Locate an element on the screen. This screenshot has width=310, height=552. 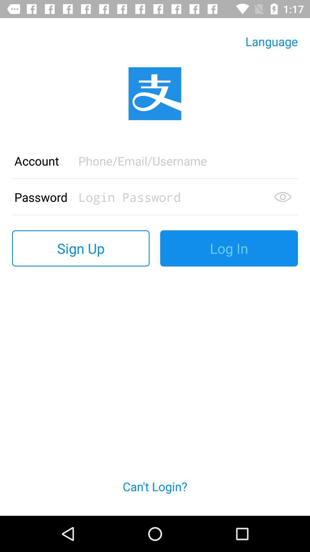
the item below password icon is located at coordinates (81, 248).